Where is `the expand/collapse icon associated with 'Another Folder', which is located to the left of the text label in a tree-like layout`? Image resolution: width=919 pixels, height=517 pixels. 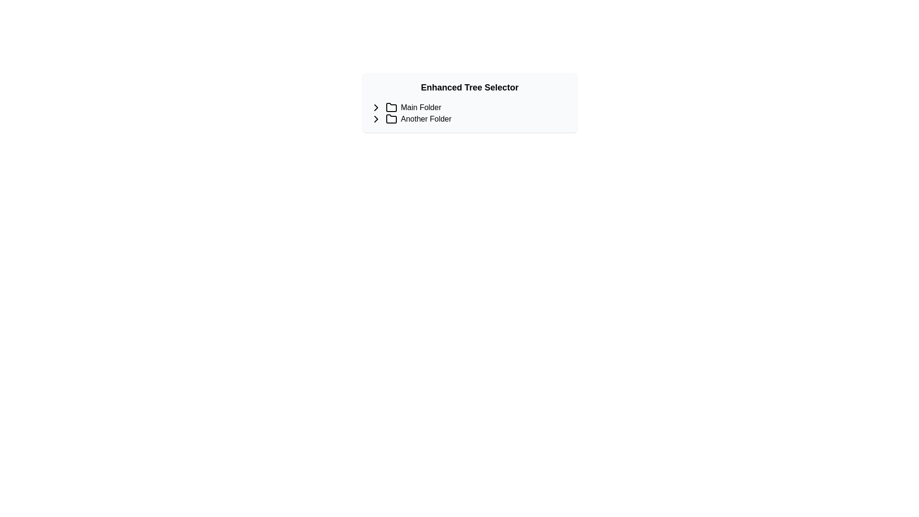 the expand/collapse icon associated with 'Another Folder', which is located to the left of the text label in a tree-like layout is located at coordinates (375, 107).